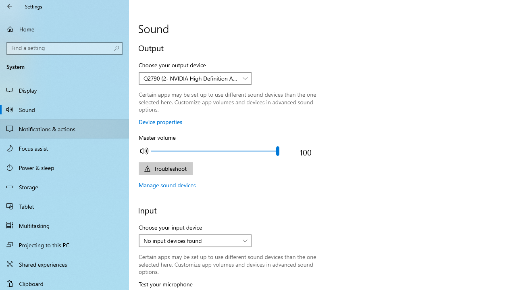  Describe the element at coordinates (190, 240) in the screenshot. I see `'No input devices found'` at that location.